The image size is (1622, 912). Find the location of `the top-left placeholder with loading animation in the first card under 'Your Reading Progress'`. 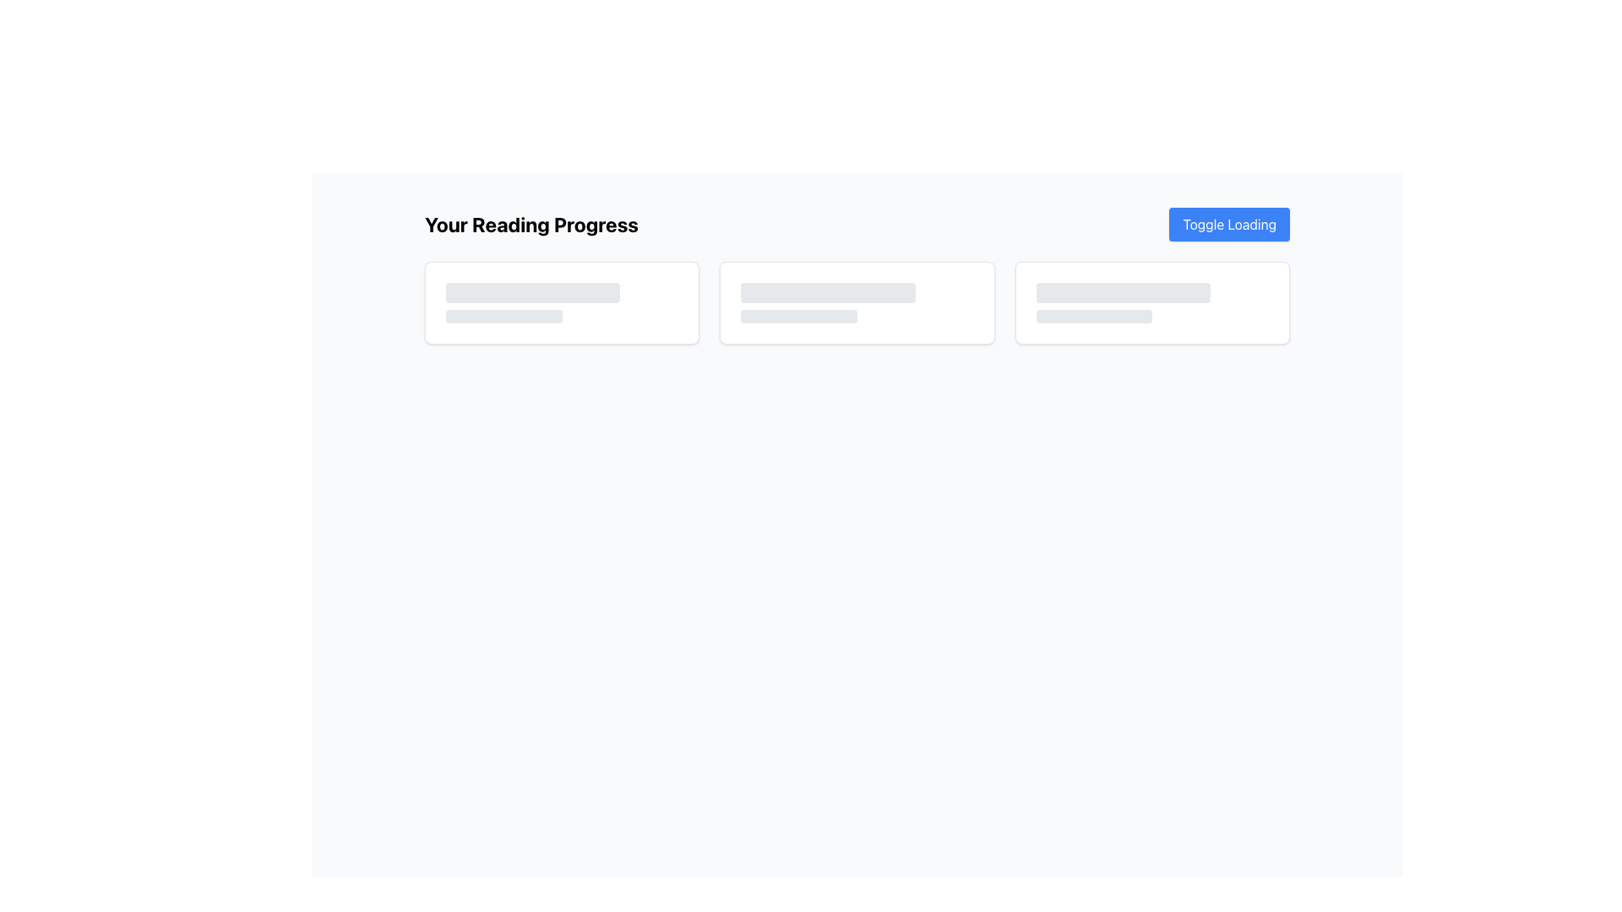

the top-left placeholder with loading animation in the first card under 'Your Reading Progress' is located at coordinates (562, 301).